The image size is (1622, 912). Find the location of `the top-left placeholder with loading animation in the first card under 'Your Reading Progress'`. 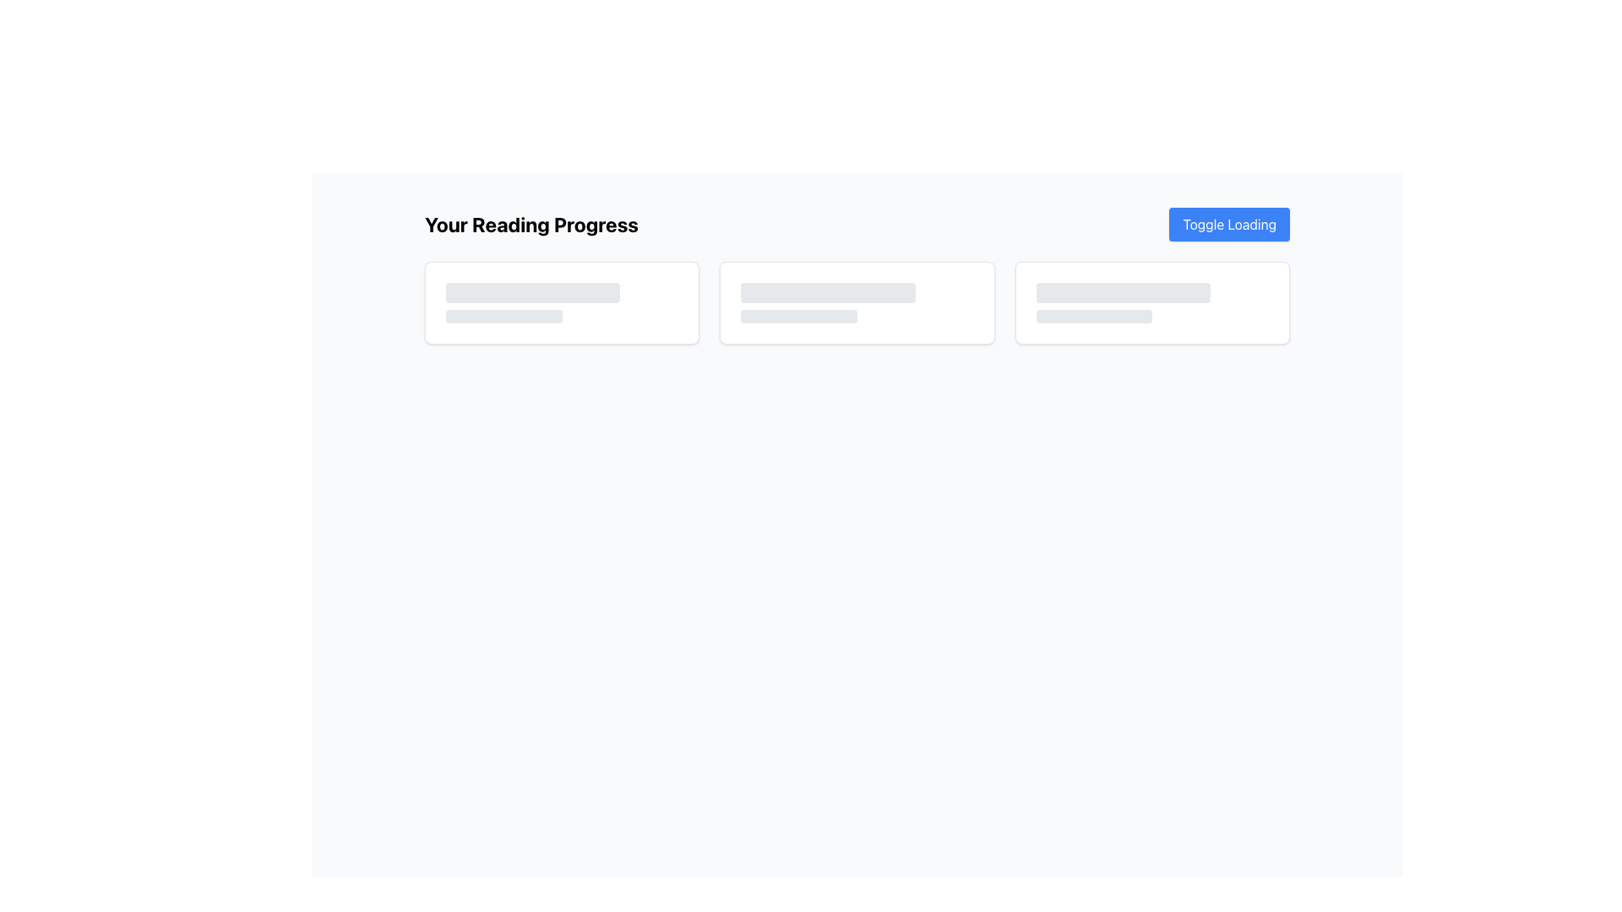

the top-left placeholder with loading animation in the first card under 'Your Reading Progress' is located at coordinates (562, 301).